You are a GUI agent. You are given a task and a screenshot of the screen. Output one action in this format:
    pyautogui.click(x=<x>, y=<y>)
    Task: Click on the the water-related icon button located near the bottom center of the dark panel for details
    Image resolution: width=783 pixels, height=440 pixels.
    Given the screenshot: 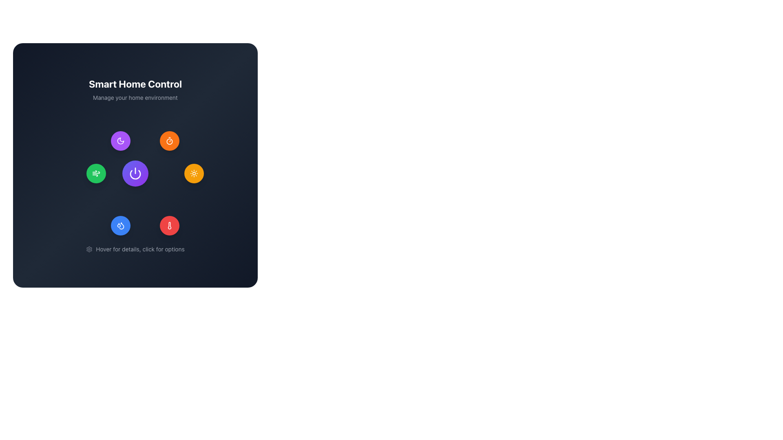 What is the action you would take?
    pyautogui.click(x=120, y=226)
    